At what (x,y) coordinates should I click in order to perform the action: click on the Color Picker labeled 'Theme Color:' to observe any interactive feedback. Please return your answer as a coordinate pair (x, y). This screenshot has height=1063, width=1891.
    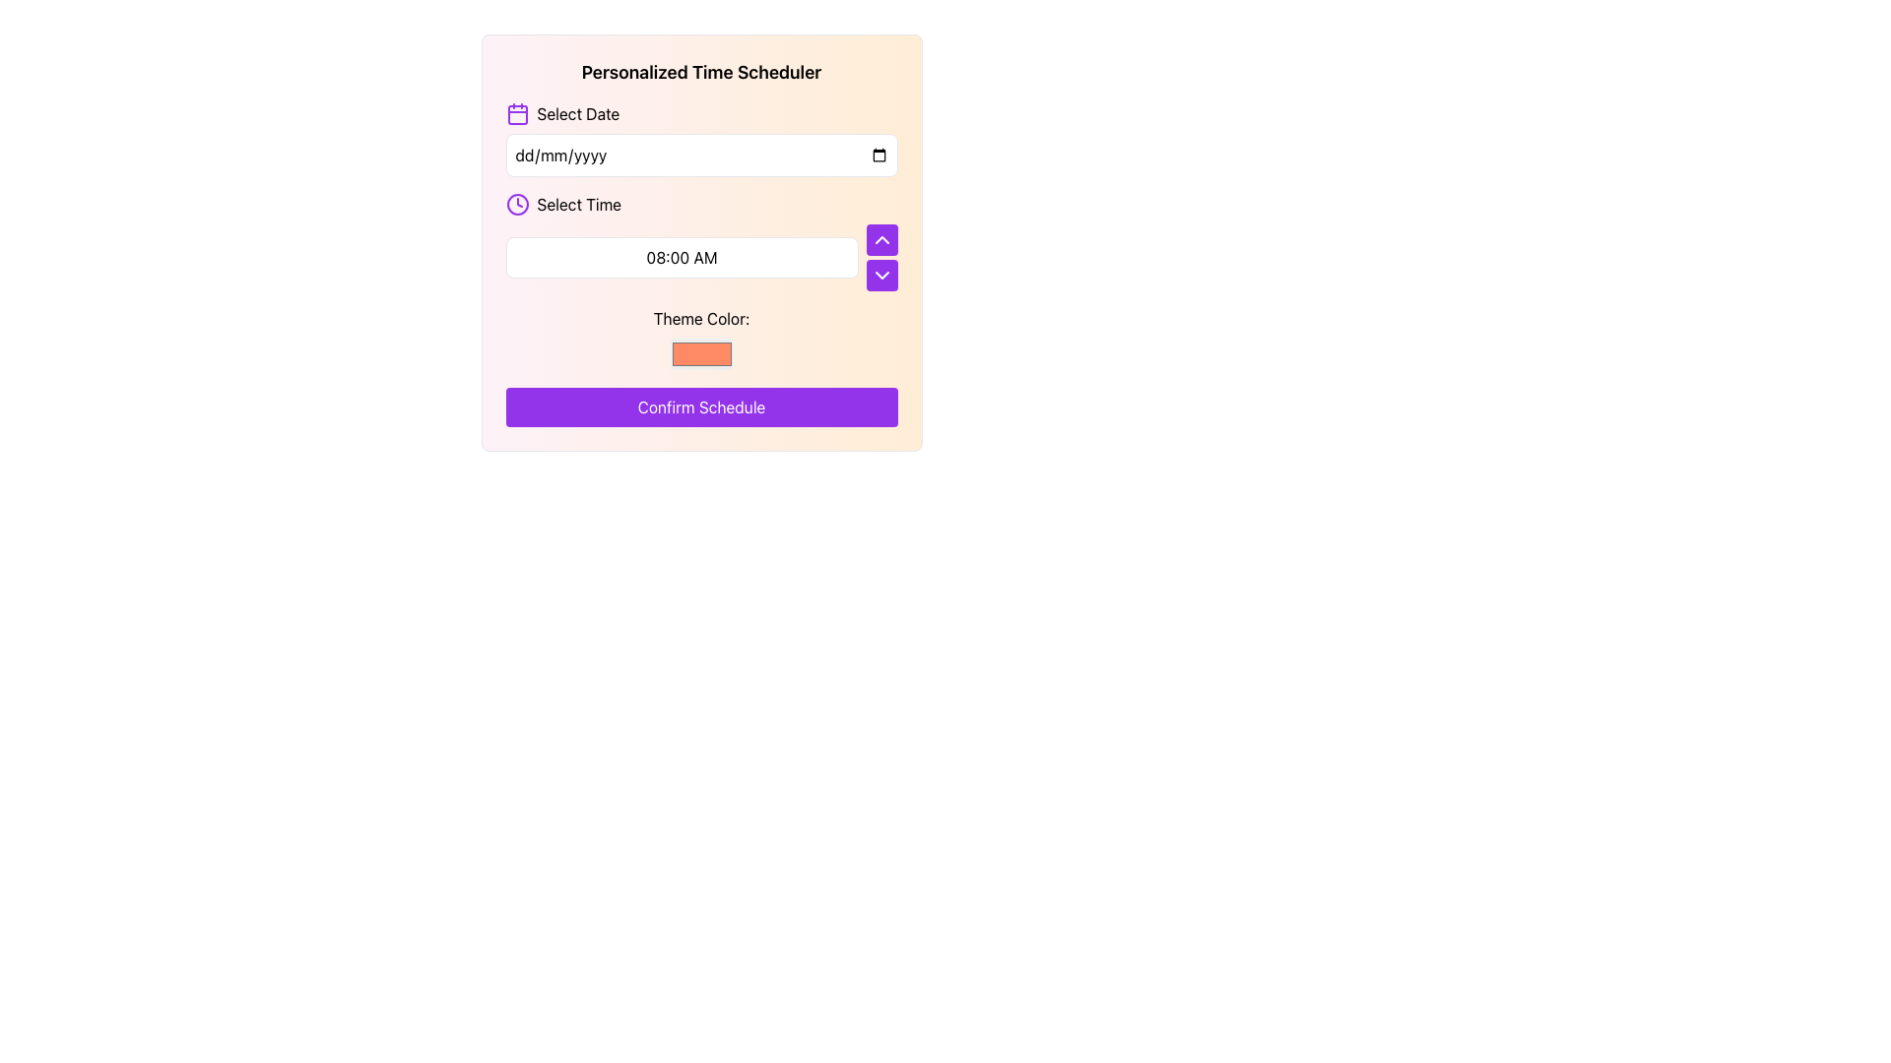
    Looking at the image, I should click on (701, 338).